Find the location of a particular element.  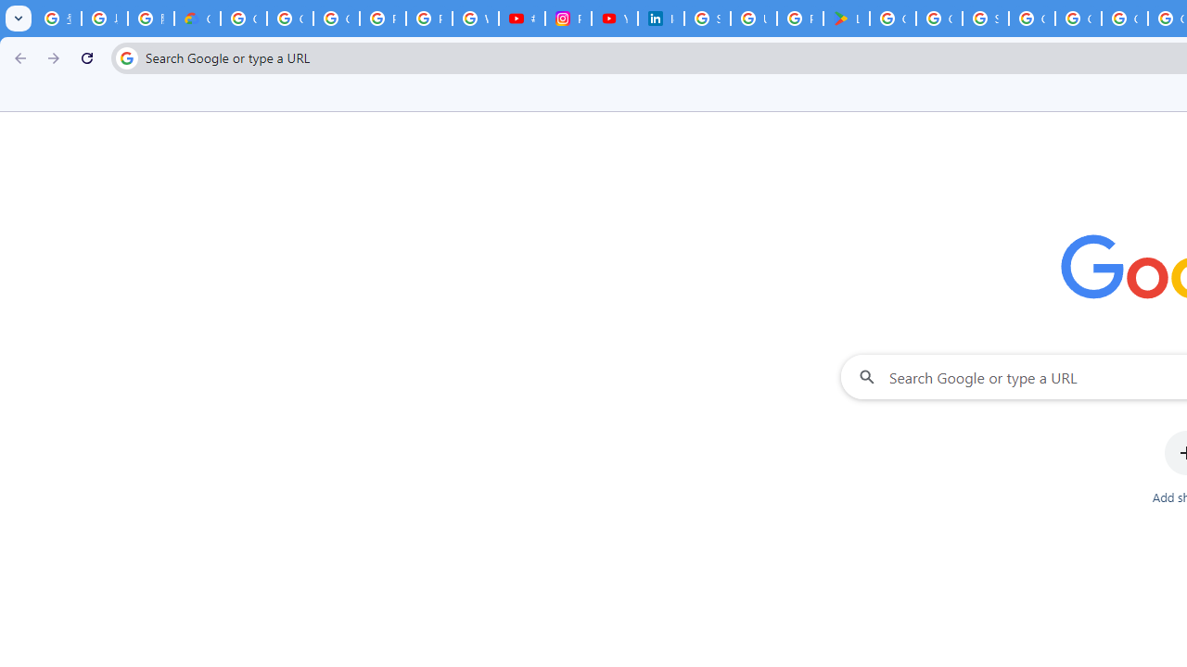

'YouTube Culture & Trends - On The Rise: Handcam Videos' is located at coordinates (615, 19).